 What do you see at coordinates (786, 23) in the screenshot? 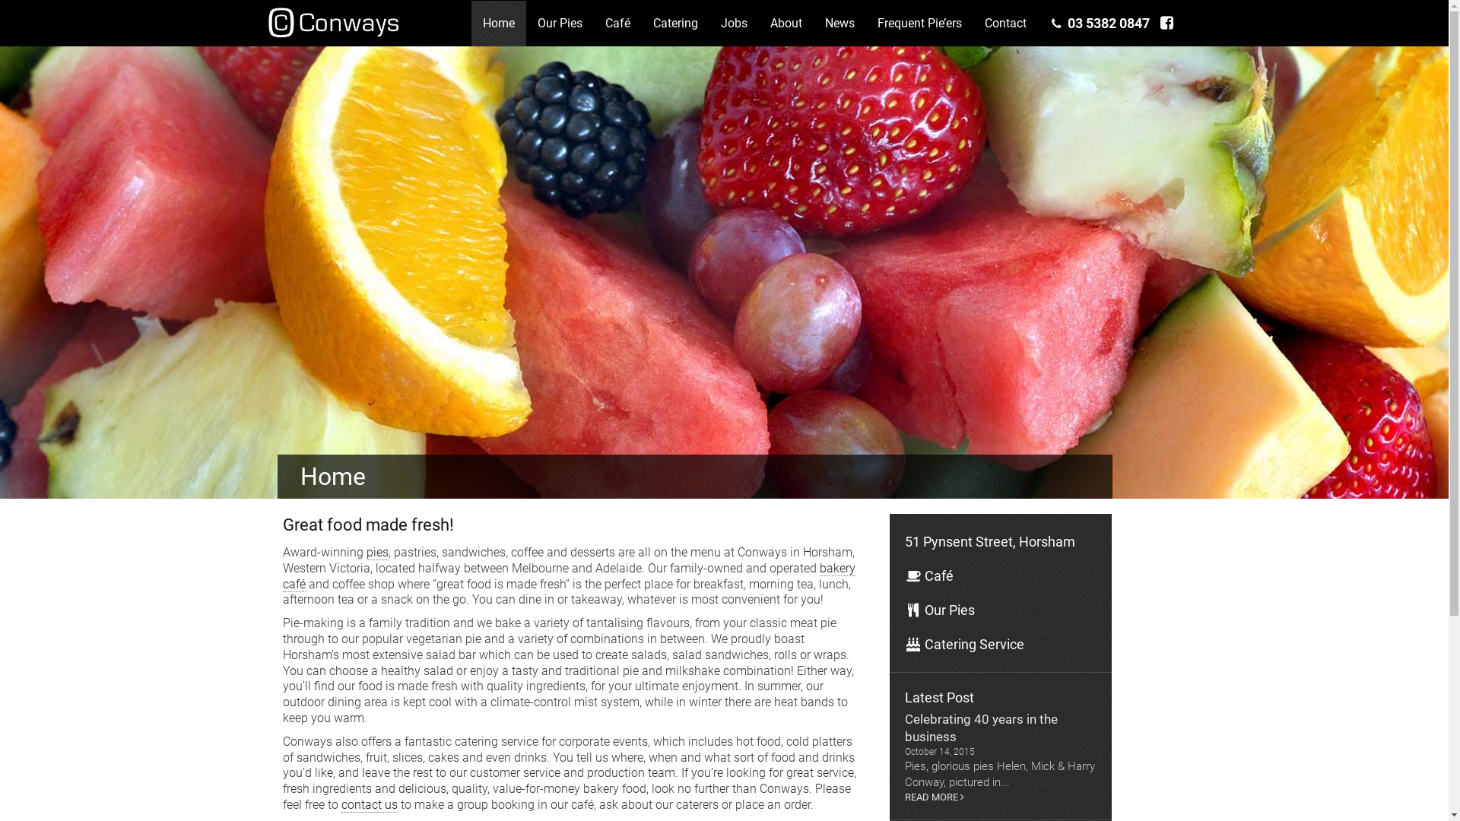
I see `'About'` at bounding box center [786, 23].